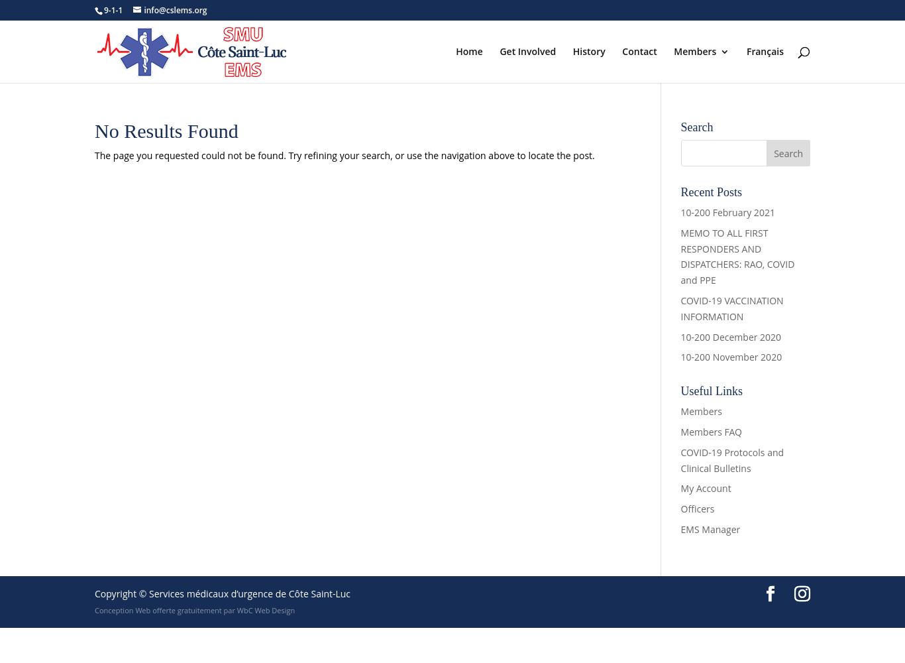 The height and width of the screenshot is (663, 905). Describe the element at coordinates (731, 459) in the screenshot. I see `'COVID-19 Protocols and Clinical Bulletins'` at that location.